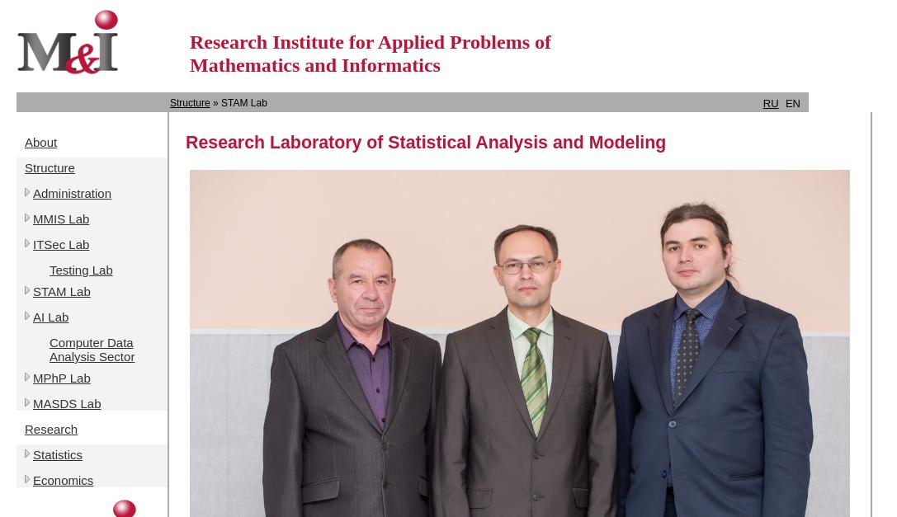 The width and height of the screenshot is (897, 517). Describe the element at coordinates (25, 141) in the screenshot. I see `'About'` at that location.